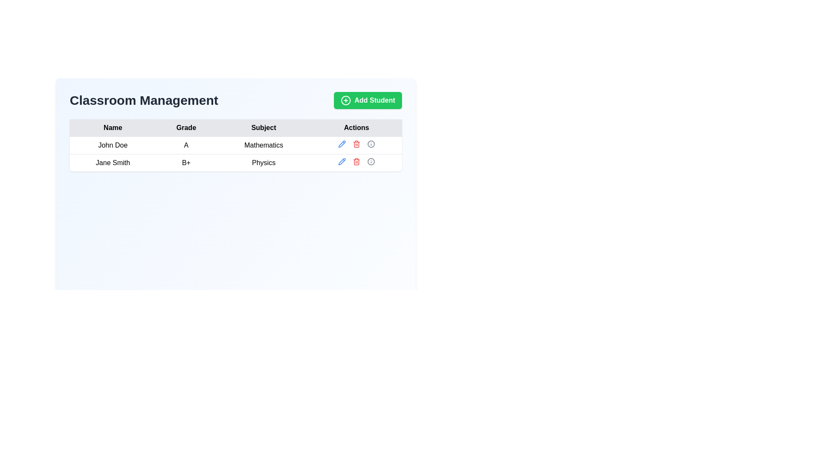 The image size is (822, 462). I want to click on the circular information icon located in the last column of the table row labeled 'Jane Smith' under the 'Actions' header, so click(371, 143).